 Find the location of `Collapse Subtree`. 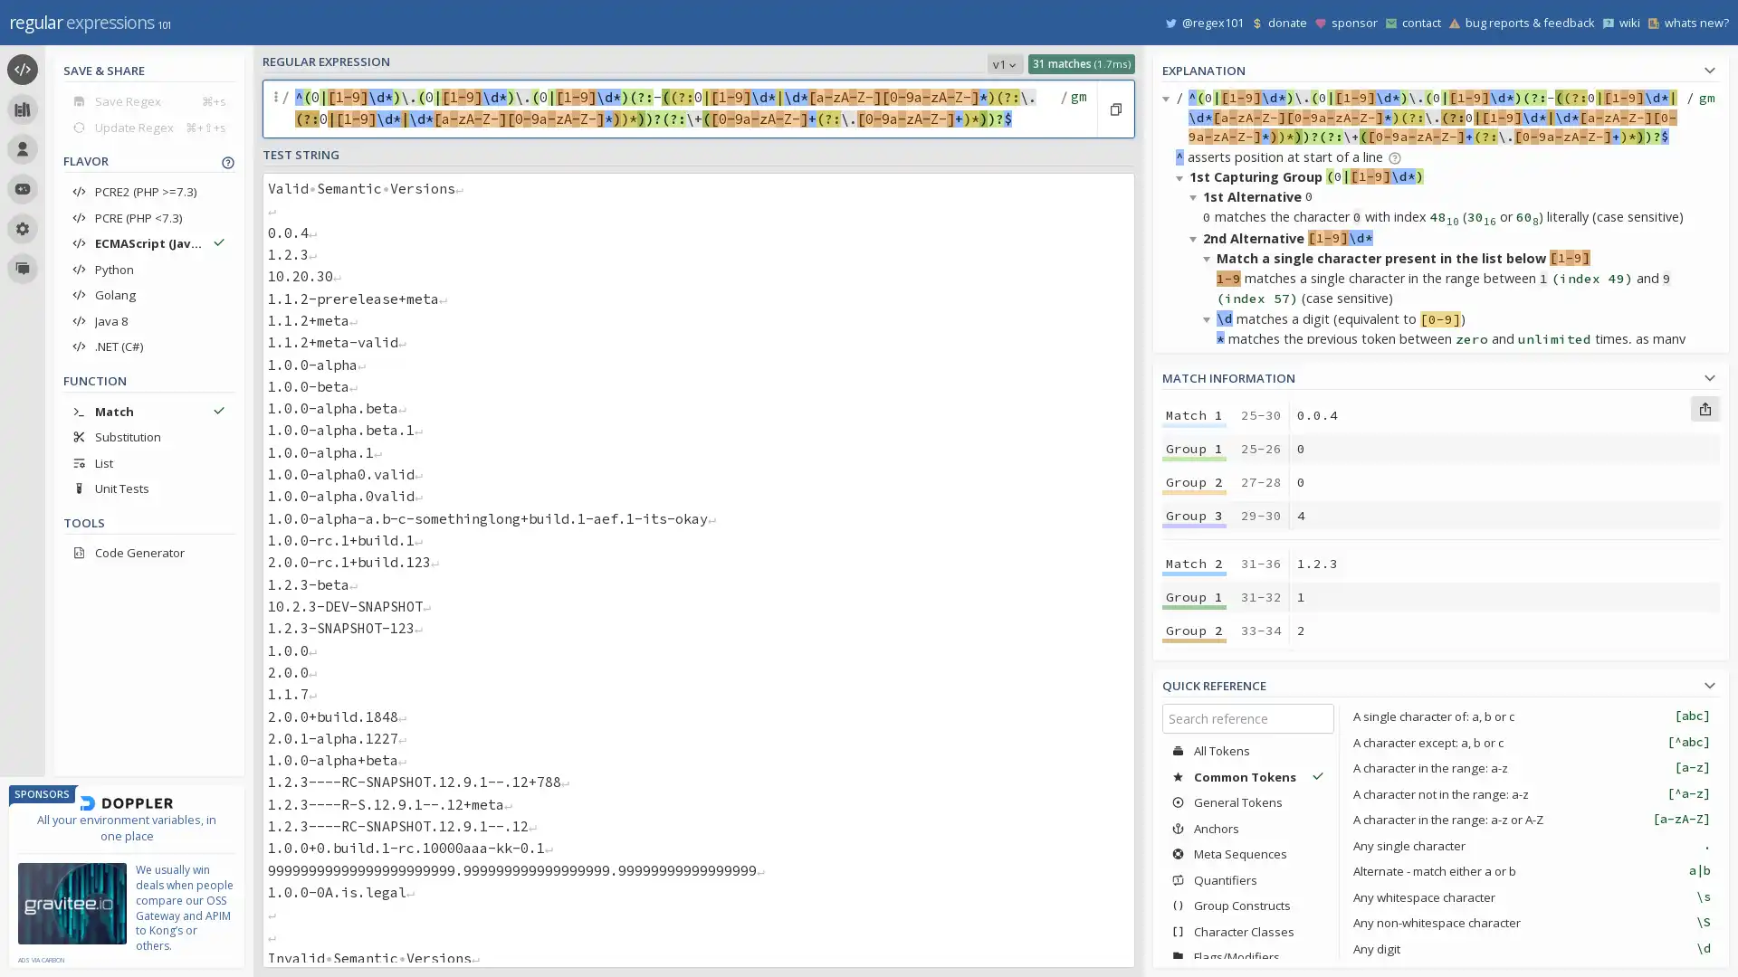

Collapse Subtree is located at coordinates (1209, 258).